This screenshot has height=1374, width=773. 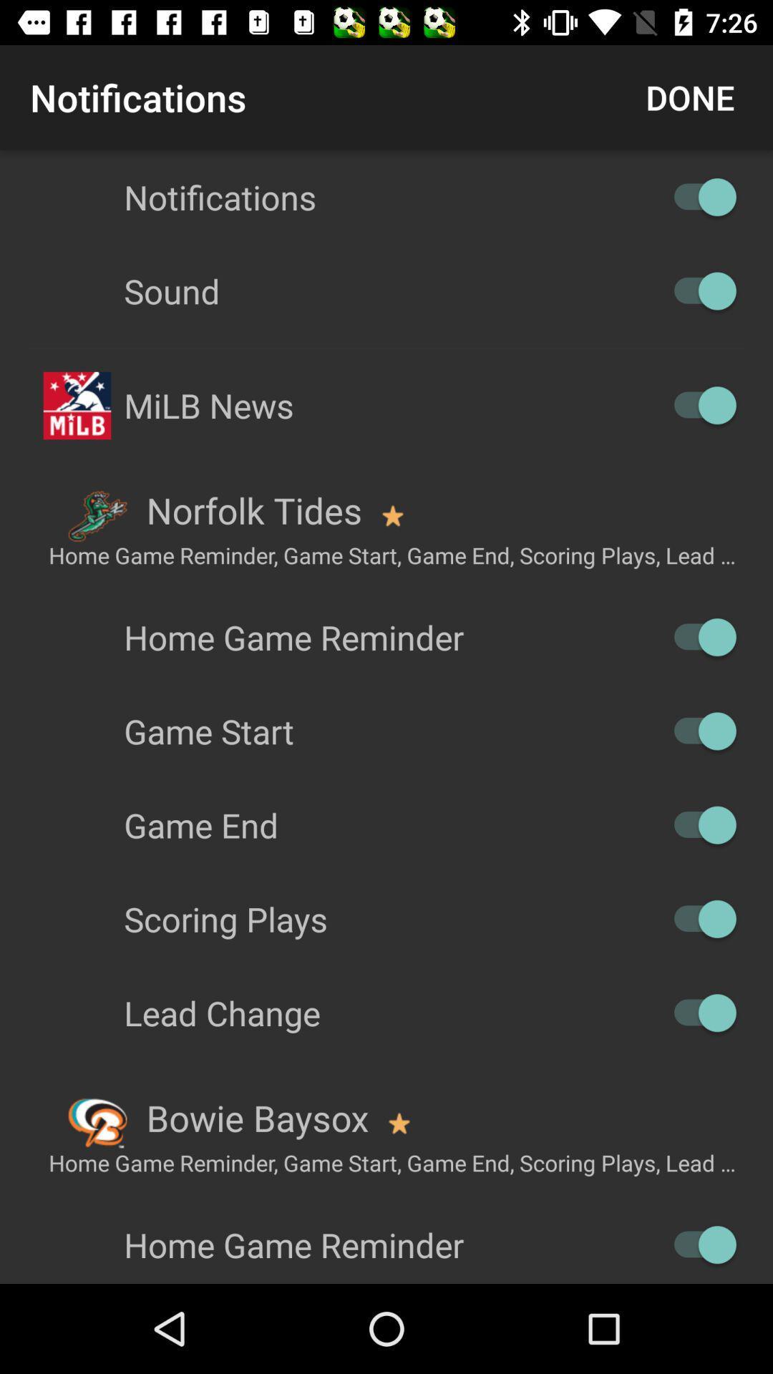 I want to click on reminder for lead changes, so click(x=697, y=1012).